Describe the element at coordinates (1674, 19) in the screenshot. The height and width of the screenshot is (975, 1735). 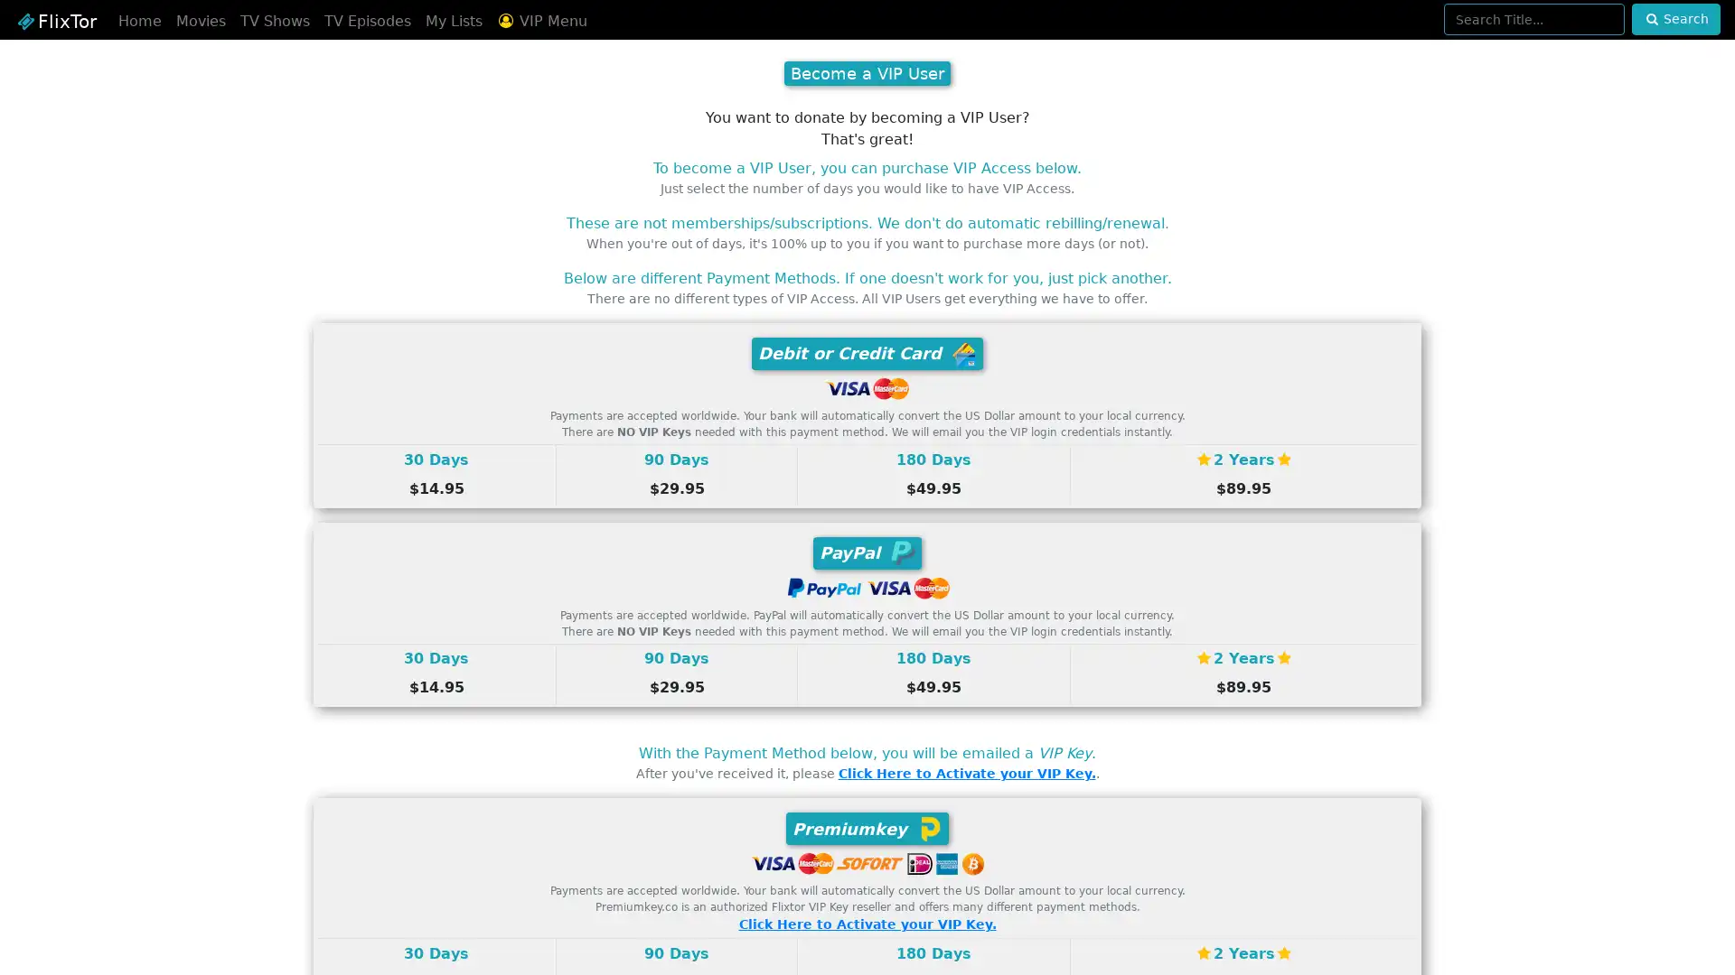
I see `Search` at that location.